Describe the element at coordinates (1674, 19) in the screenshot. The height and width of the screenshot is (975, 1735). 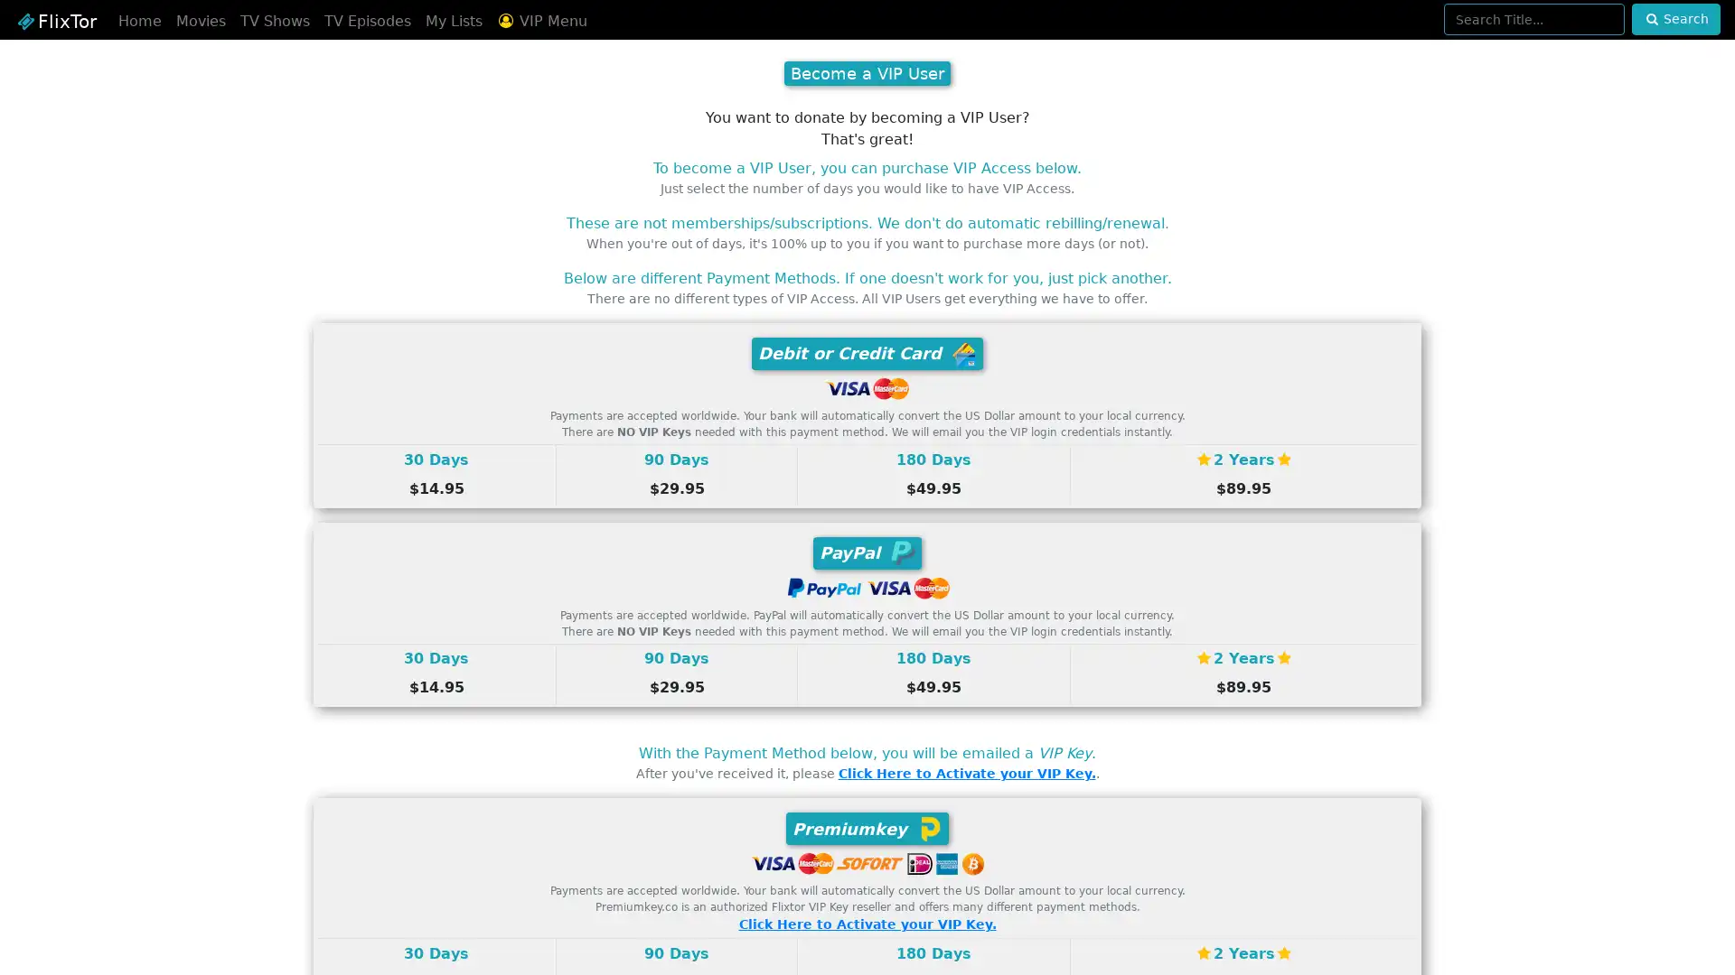
I see `Search` at that location.